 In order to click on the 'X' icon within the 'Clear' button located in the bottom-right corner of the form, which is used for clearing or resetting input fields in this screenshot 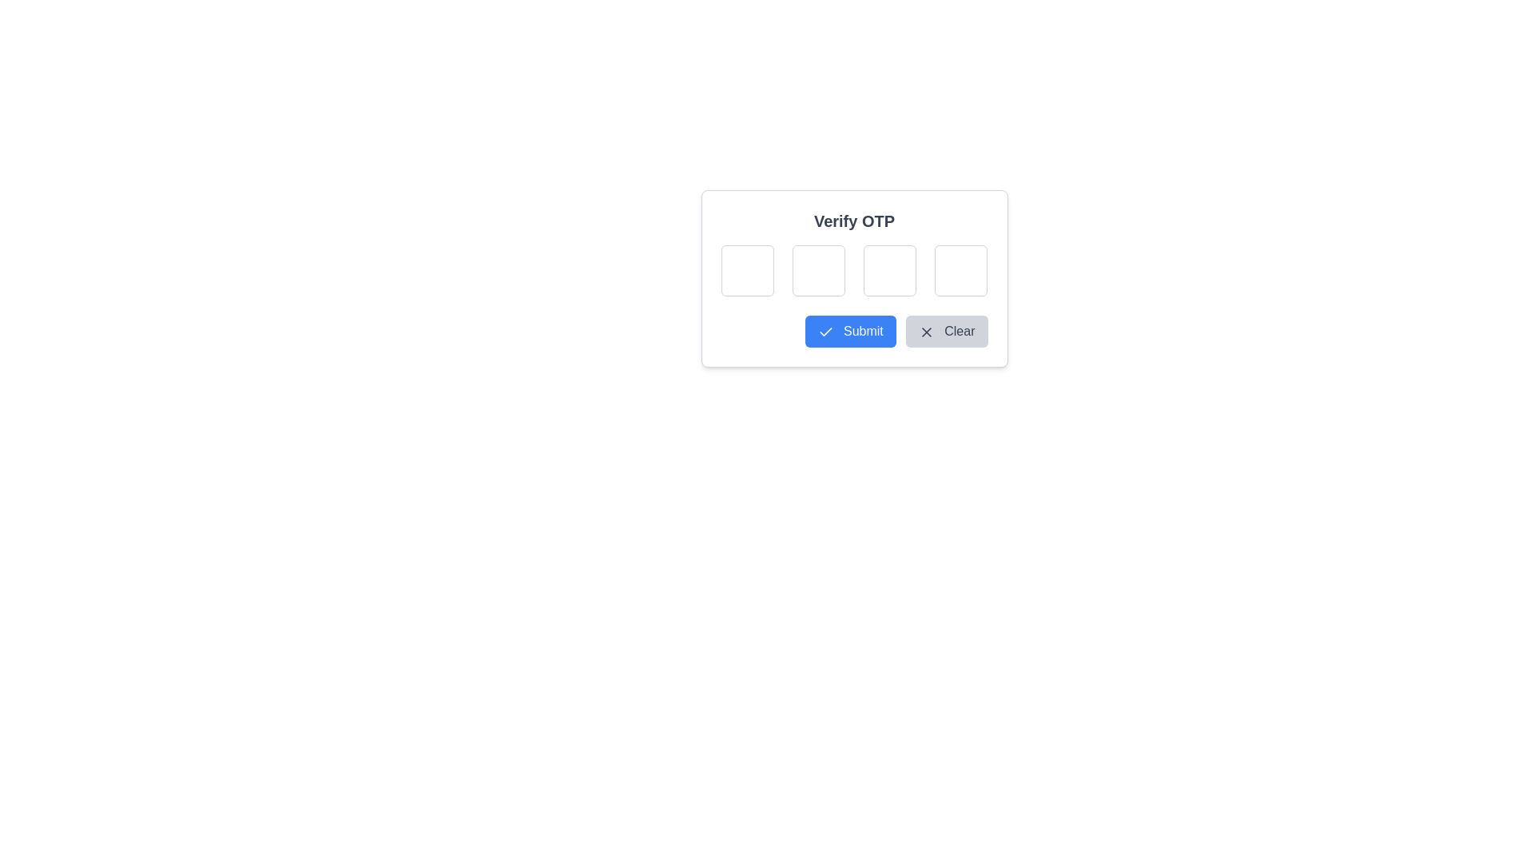, I will do `click(926, 331)`.